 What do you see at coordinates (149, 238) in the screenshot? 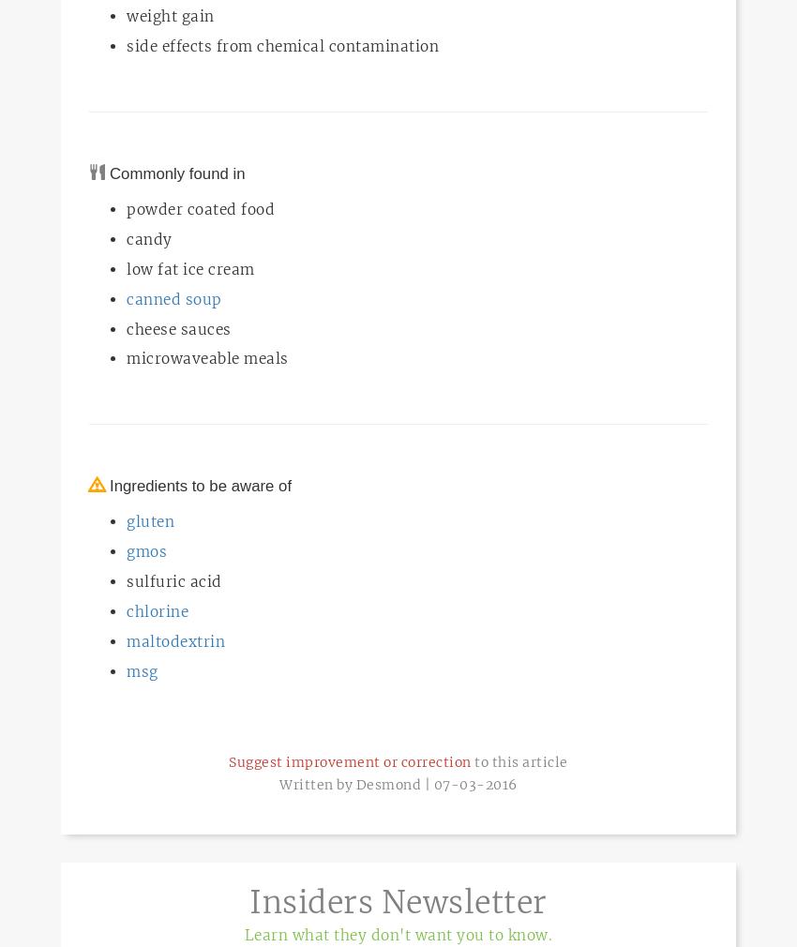
I see `'candy'` at bounding box center [149, 238].